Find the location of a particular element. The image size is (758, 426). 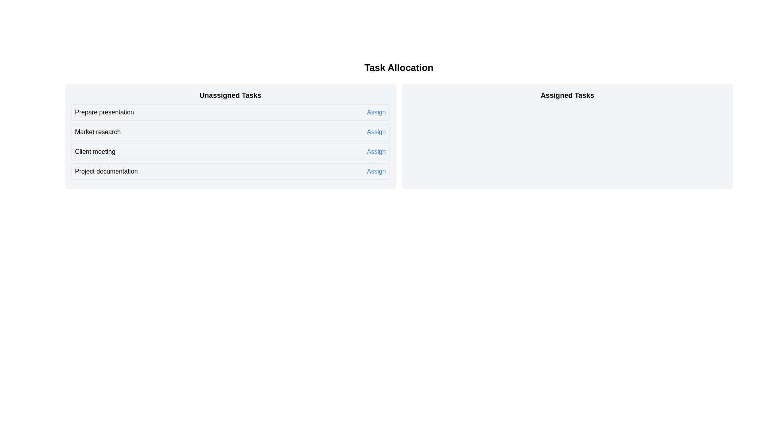

the text label displaying 'Client meeting' in the 'Unassigned Tasks' section of the task allocation interface, which is the third item in a vertically stacked list of tasks is located at coordinates (95, 152).